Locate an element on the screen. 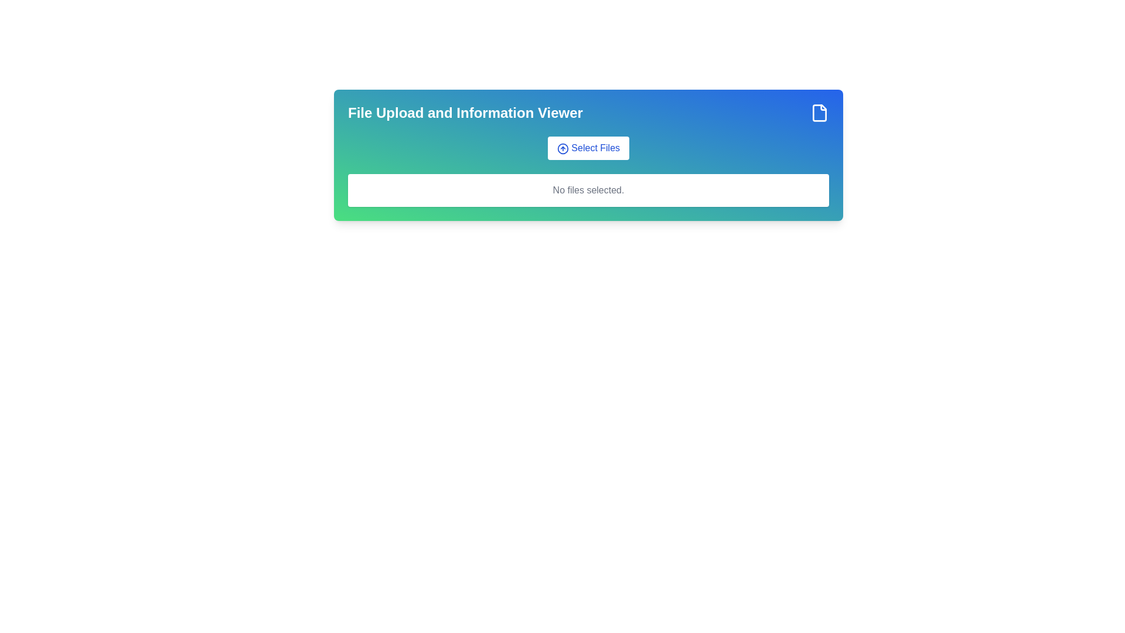  the descriptive text element that indicates no files have been selected for upload, which is located directly below the 'Select Files' button is located at coordinates (588, 189).